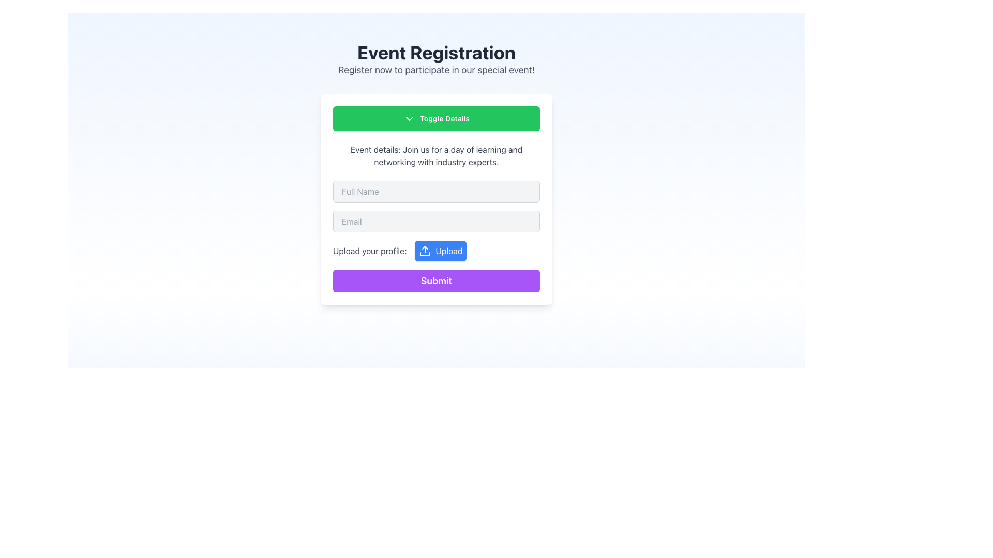 The image size is (993, 558). What do you see at coordinates (437, 281) in the screenshot?
I see `the 'Submit' button, which is a rectangular button with a purple background and bold white text, located at the bottom of the form` at bounding box center [437, 281].